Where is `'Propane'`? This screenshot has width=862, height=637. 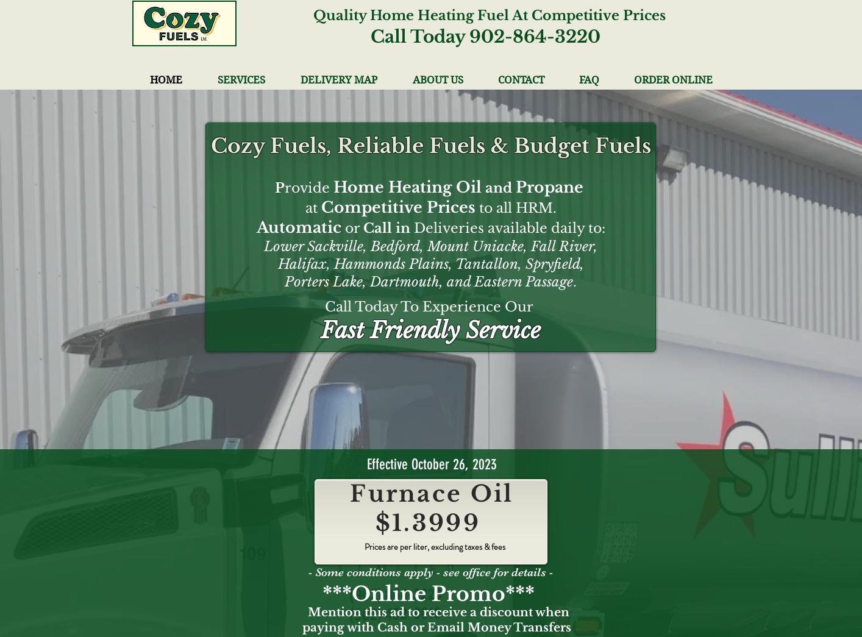
'Propane' is located at coordinates (549, 187).